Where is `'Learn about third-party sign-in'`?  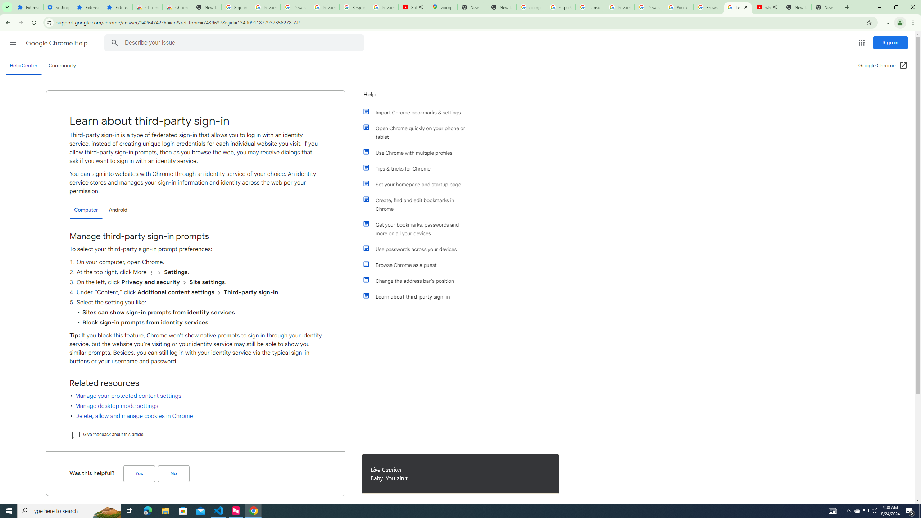
'Learn about third-party sign-in' is located at coordinates (418, 296).